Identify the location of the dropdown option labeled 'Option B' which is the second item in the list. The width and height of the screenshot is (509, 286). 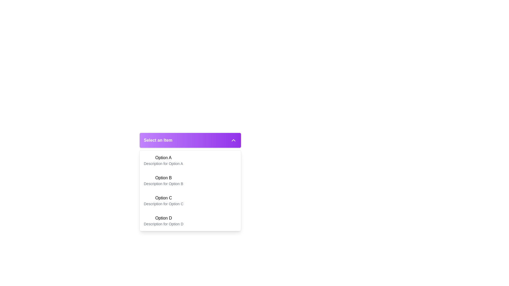
(190, 180).